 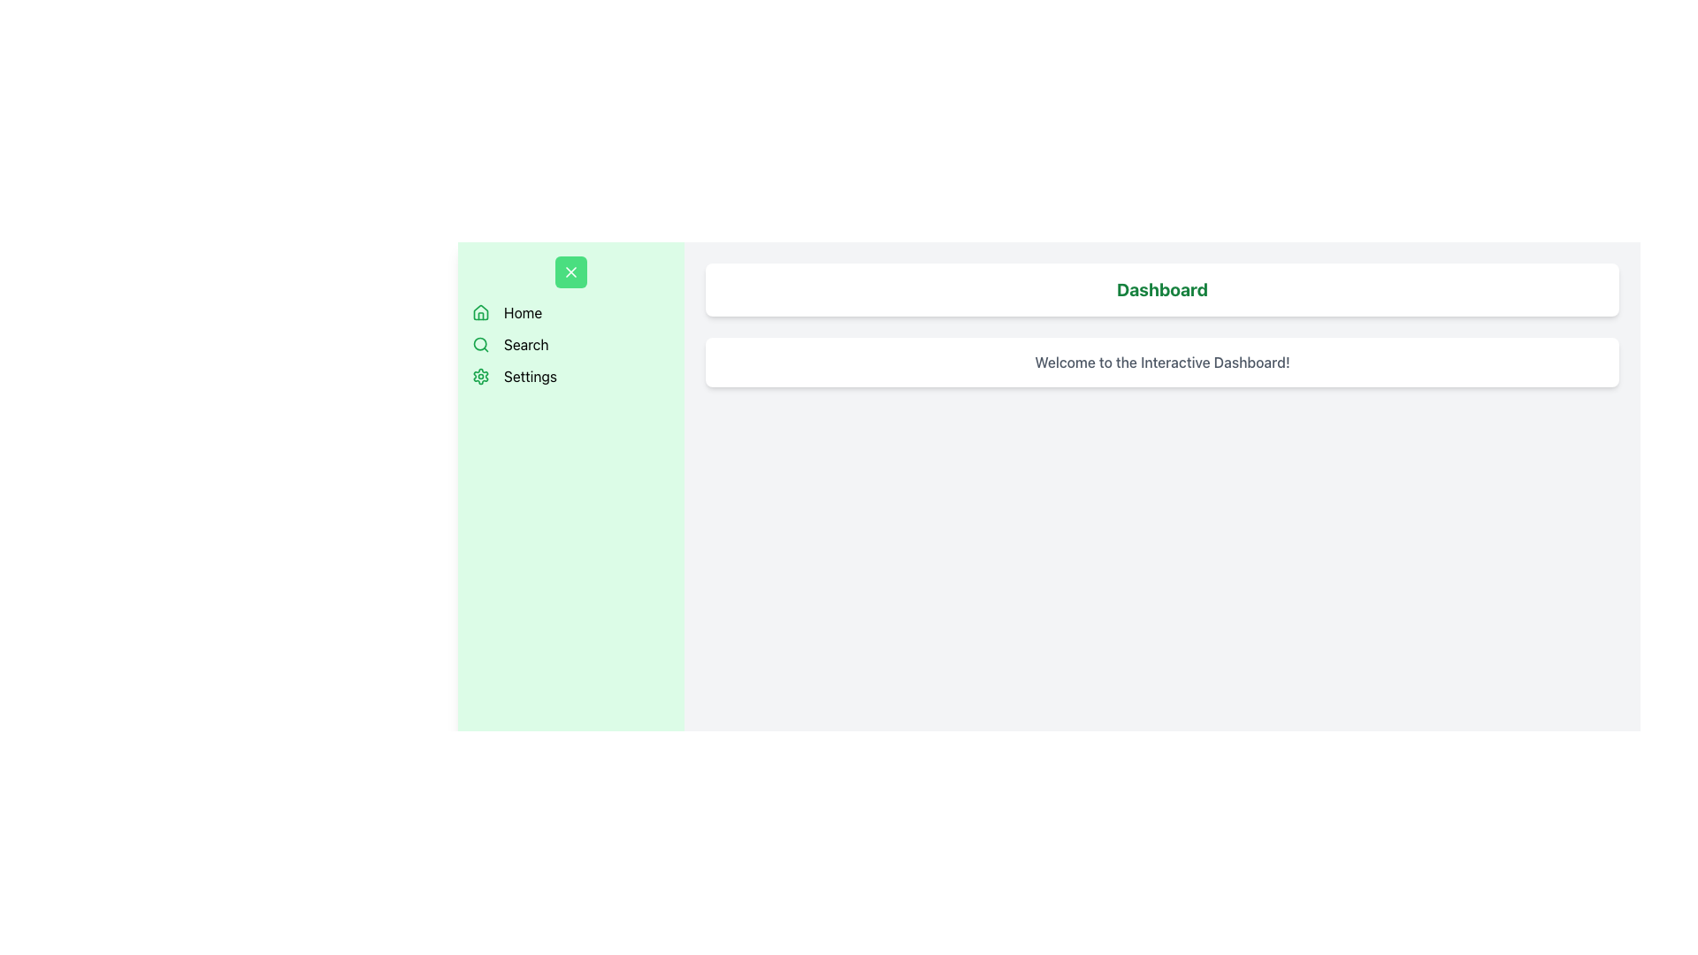 What do you see at coordinates (480, 344) in the screenshot?
I see `the green search icon represented by a magnifying glass symbol, located in the vertical navigation panel, second from the top, with 'Search' label next to it` at bounding box center [480, 344].